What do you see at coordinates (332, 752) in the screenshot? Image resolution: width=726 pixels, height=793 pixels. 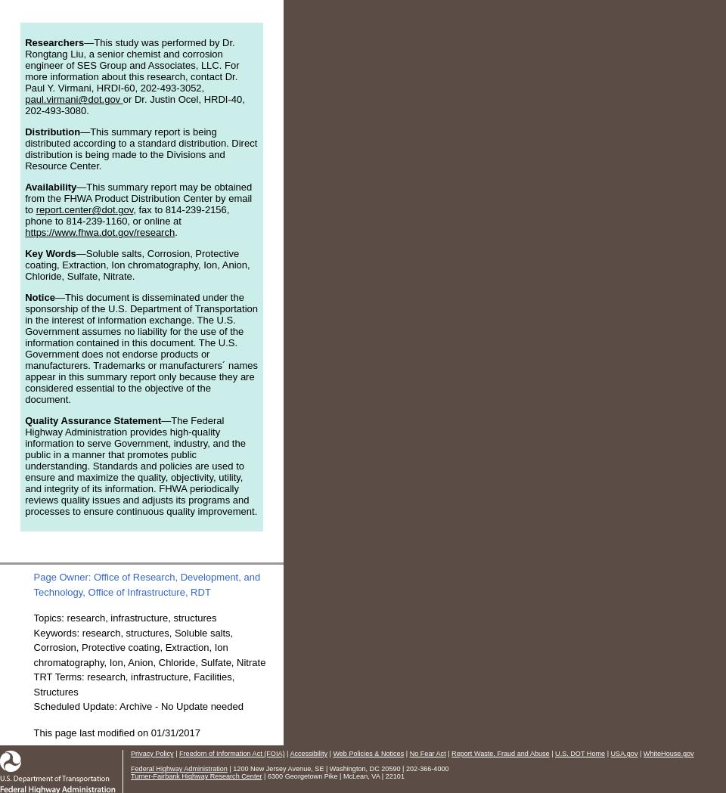 I see `'Web Policies & Notices'` at bounding box center [332, 752].